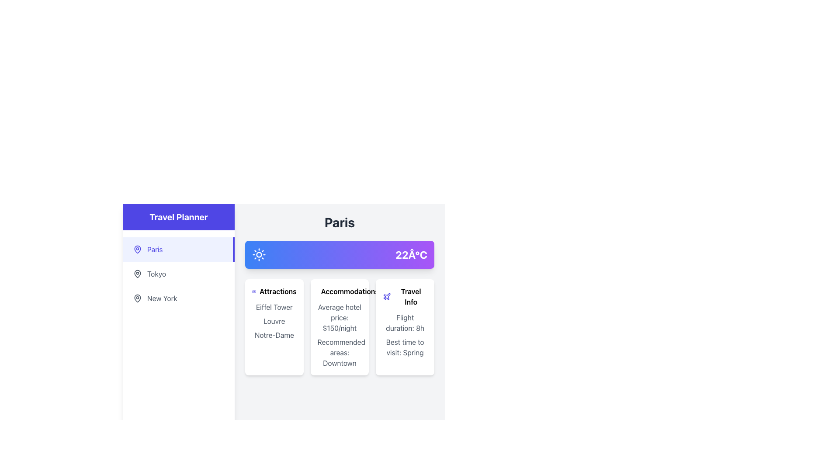  Describe the element at coordinates (405, 327) in the screenshot. I see `information displayed on the 'Travel Info' informational card, which includes the title in bold and two details about flight duration and best visiting time` at that location.